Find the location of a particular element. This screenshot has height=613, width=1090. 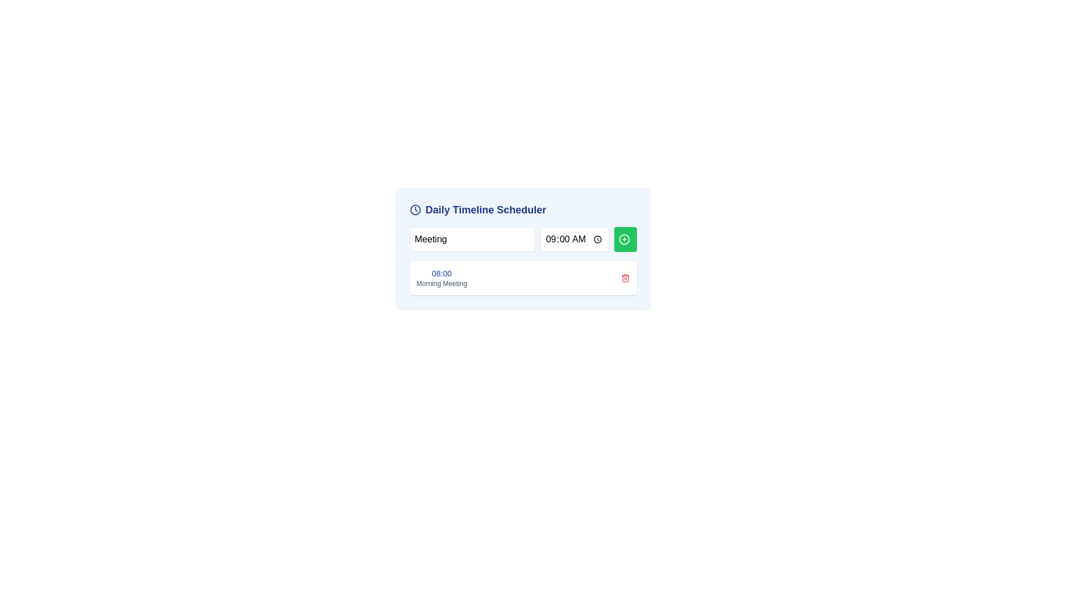

the circular '+' icon within the green button located to the right of the '09:00 AM' input field is located at coordinates (623, 238).